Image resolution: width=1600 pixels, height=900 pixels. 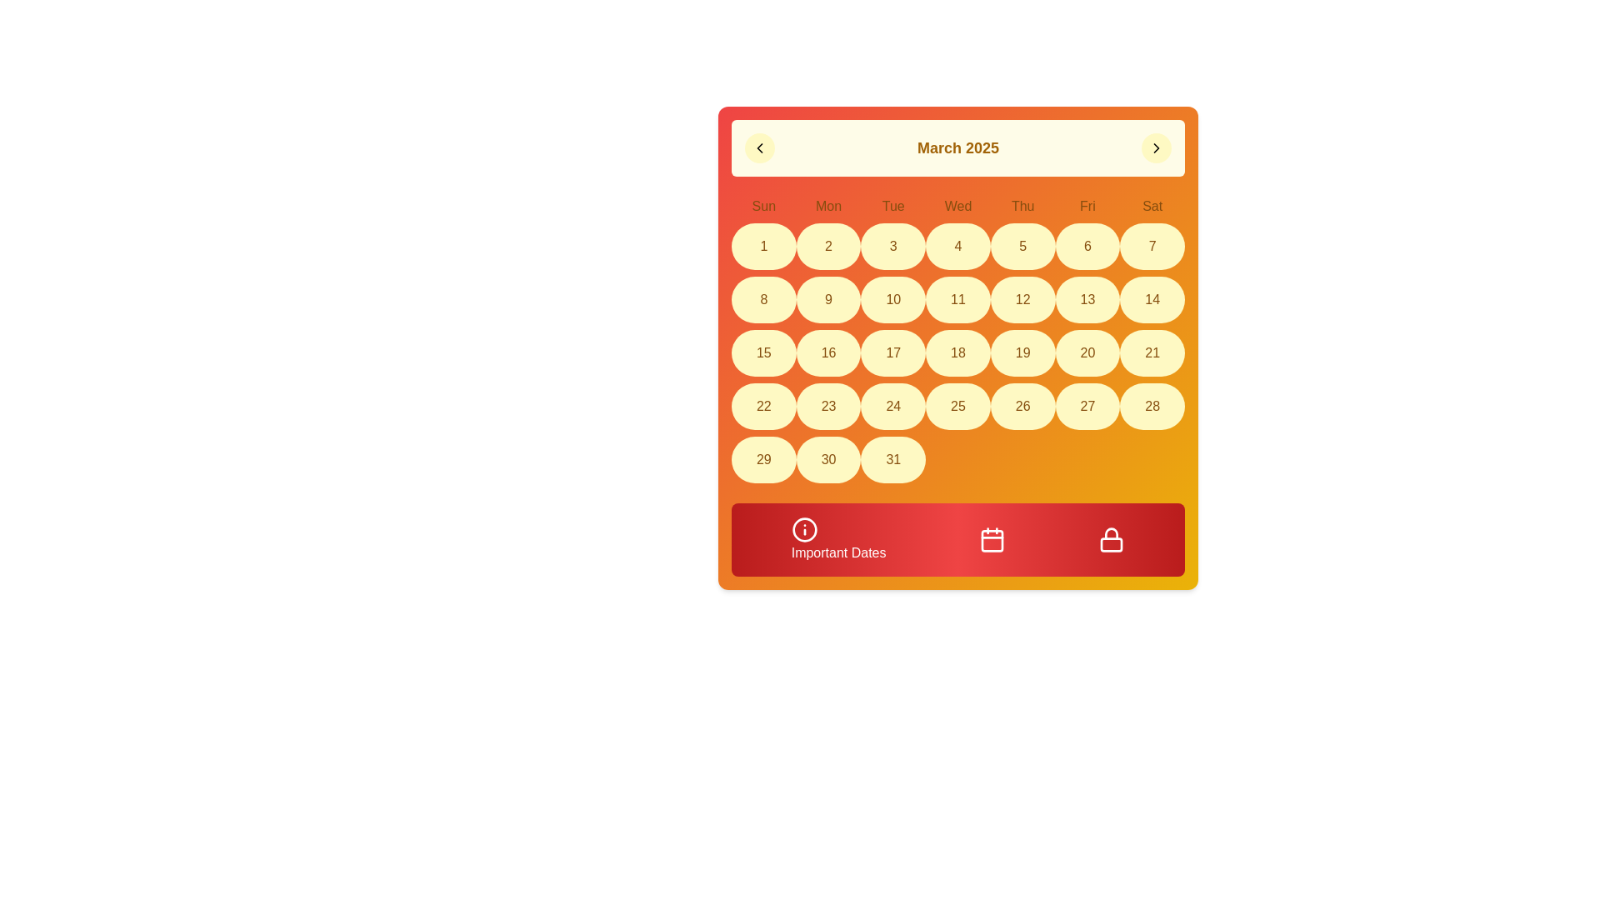 I want to click on the semi-circular arc of the lock icon in the SVG graphic, which is visually represented with a thin stroke in a light color and is positioned above the rectangular body of the lock, so click(x=1112, y=533).